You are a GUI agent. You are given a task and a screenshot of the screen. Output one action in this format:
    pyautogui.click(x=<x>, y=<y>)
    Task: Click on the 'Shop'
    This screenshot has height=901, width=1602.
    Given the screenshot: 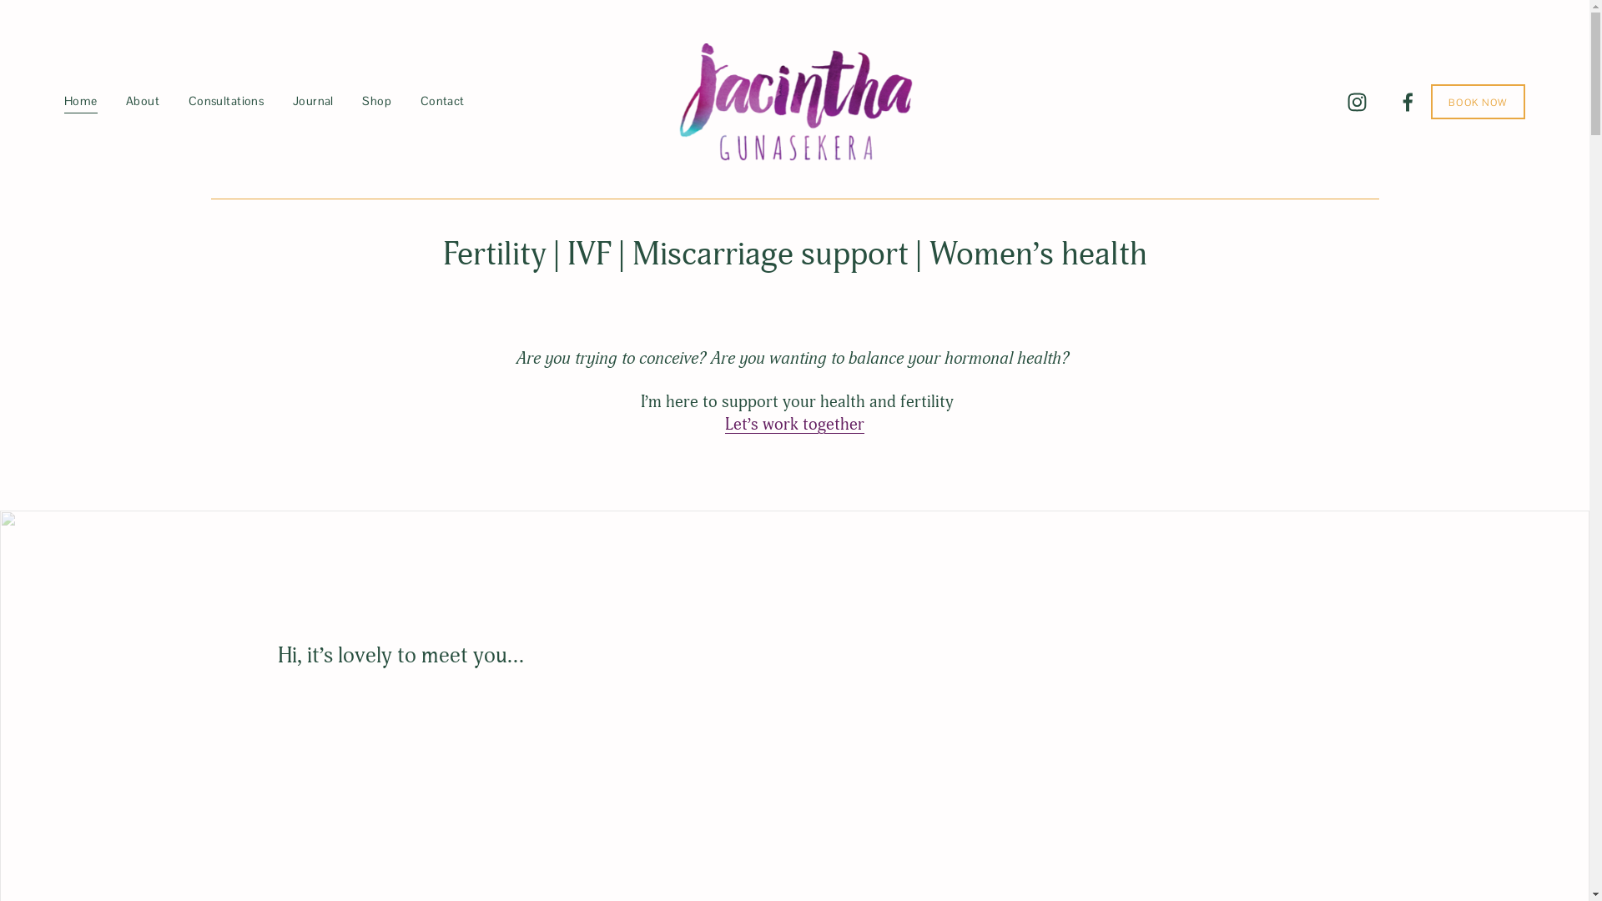 What is the action you would take?
    pyautogui.click(x=360, y=102)
    